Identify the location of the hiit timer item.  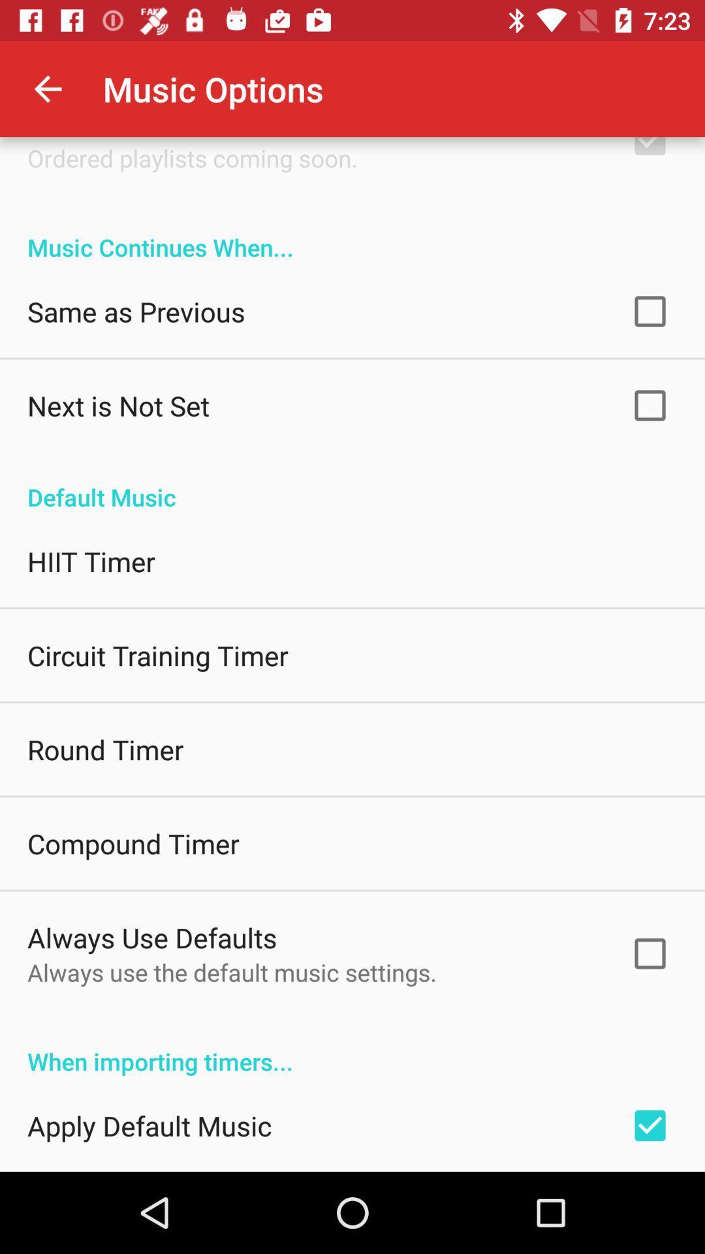
(90, 561).